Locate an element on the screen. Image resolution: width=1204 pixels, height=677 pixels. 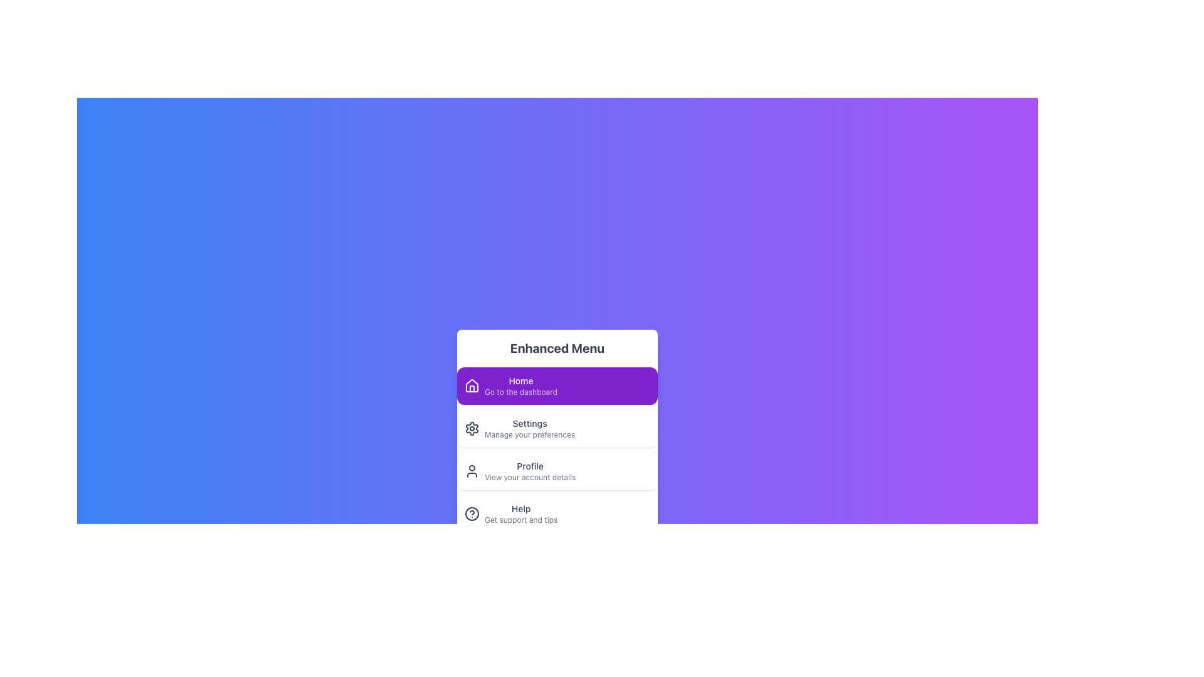
the house-like icon on the 'Home' button located at the top center of the menu, which features a purple circular background and is accompanied by the text 'Home' and subtext 'Go to the dashboard' is located at coordinates (472, 386).